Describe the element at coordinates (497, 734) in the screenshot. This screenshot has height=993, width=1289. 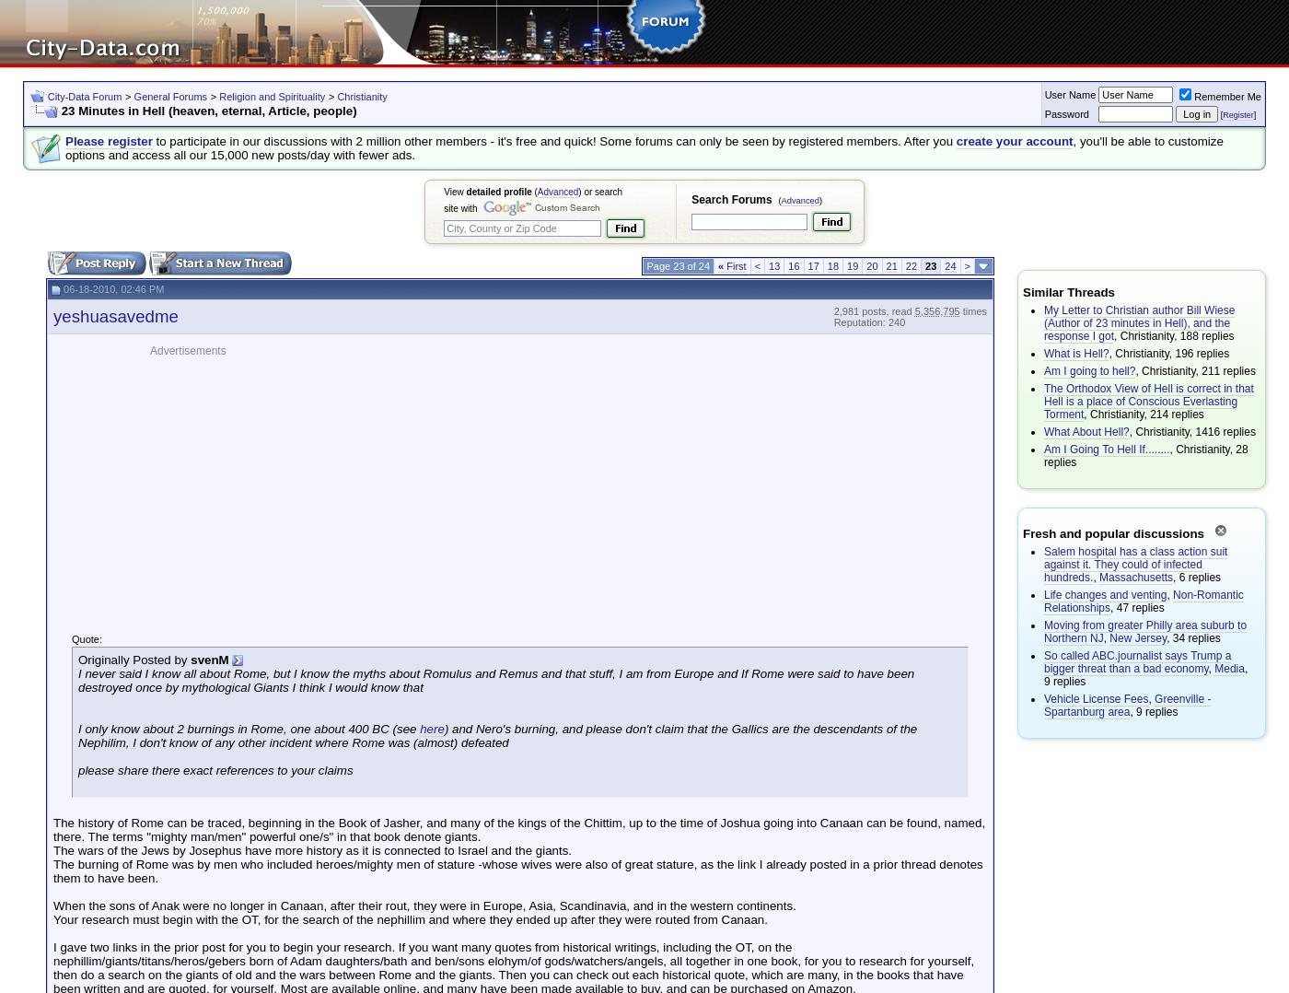
I see `') and Nero's burning, and please don't claim that the Gallics are the descendants of the Nephilim, I don't know of any other incident where Rome was (almost) defeated'` at that location.